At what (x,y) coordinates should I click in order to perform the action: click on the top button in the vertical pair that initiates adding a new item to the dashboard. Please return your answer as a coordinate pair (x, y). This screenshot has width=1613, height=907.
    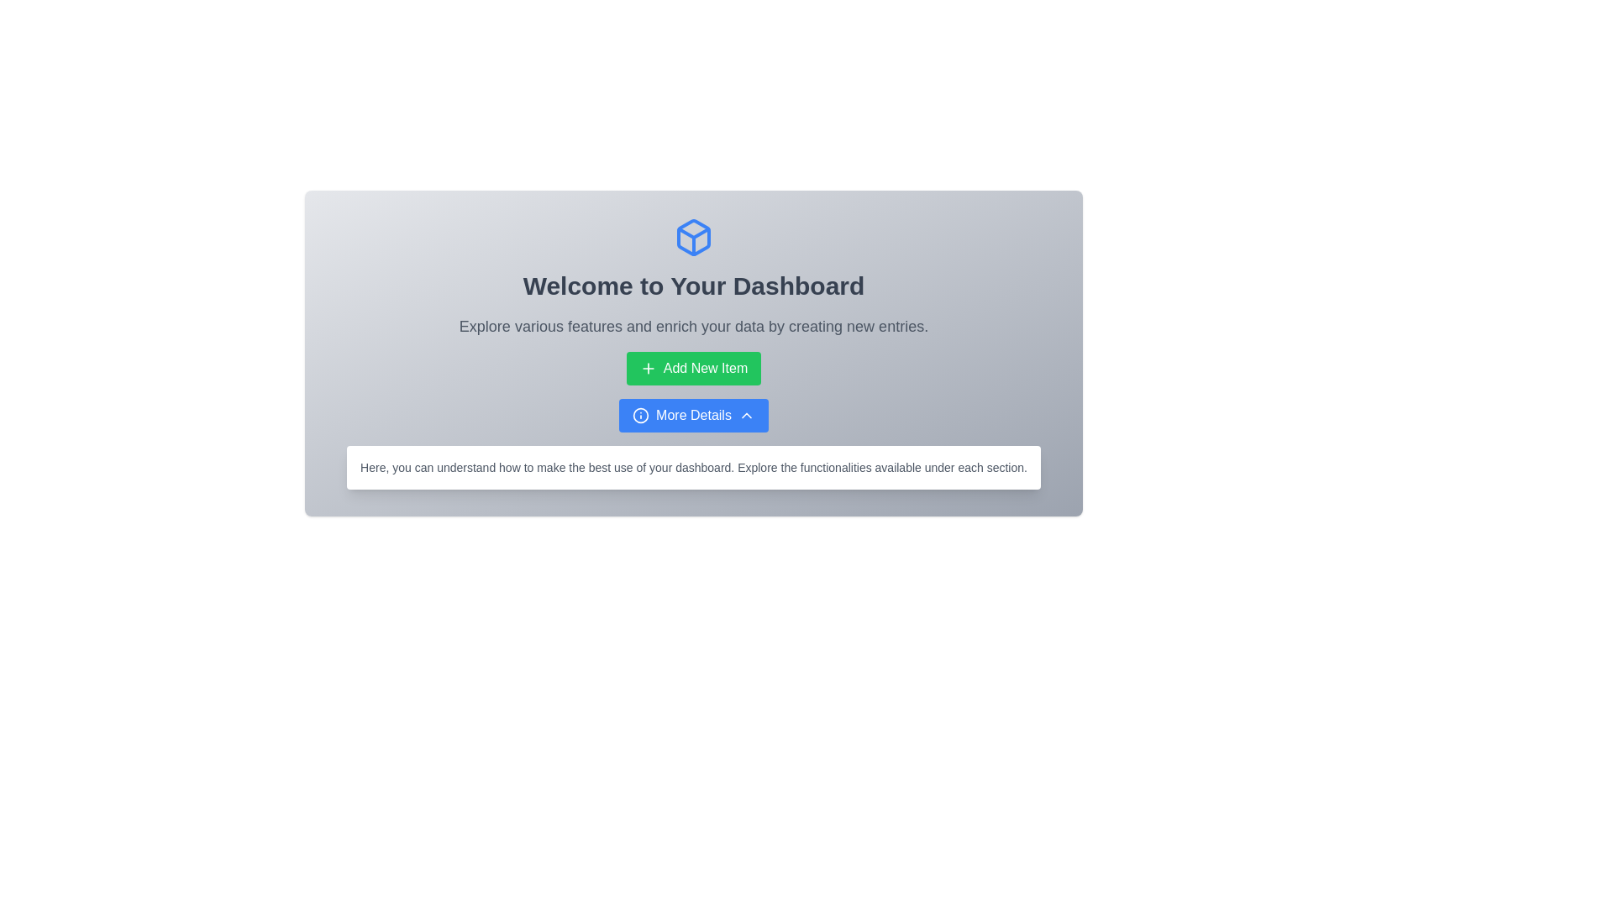
    Looking at the image, I should click on (693, 352).